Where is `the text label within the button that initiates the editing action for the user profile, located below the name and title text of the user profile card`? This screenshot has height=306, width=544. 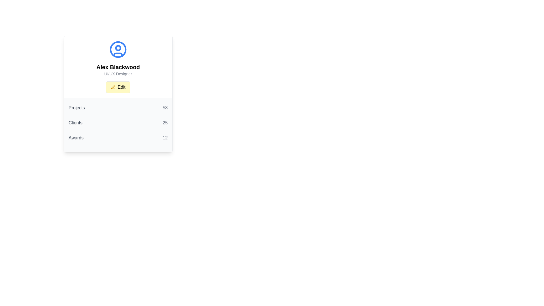
the text label within the button that initiates the editing action for the user profile, located below the name and title text of the user profile card is located at coordinates (121, 87).